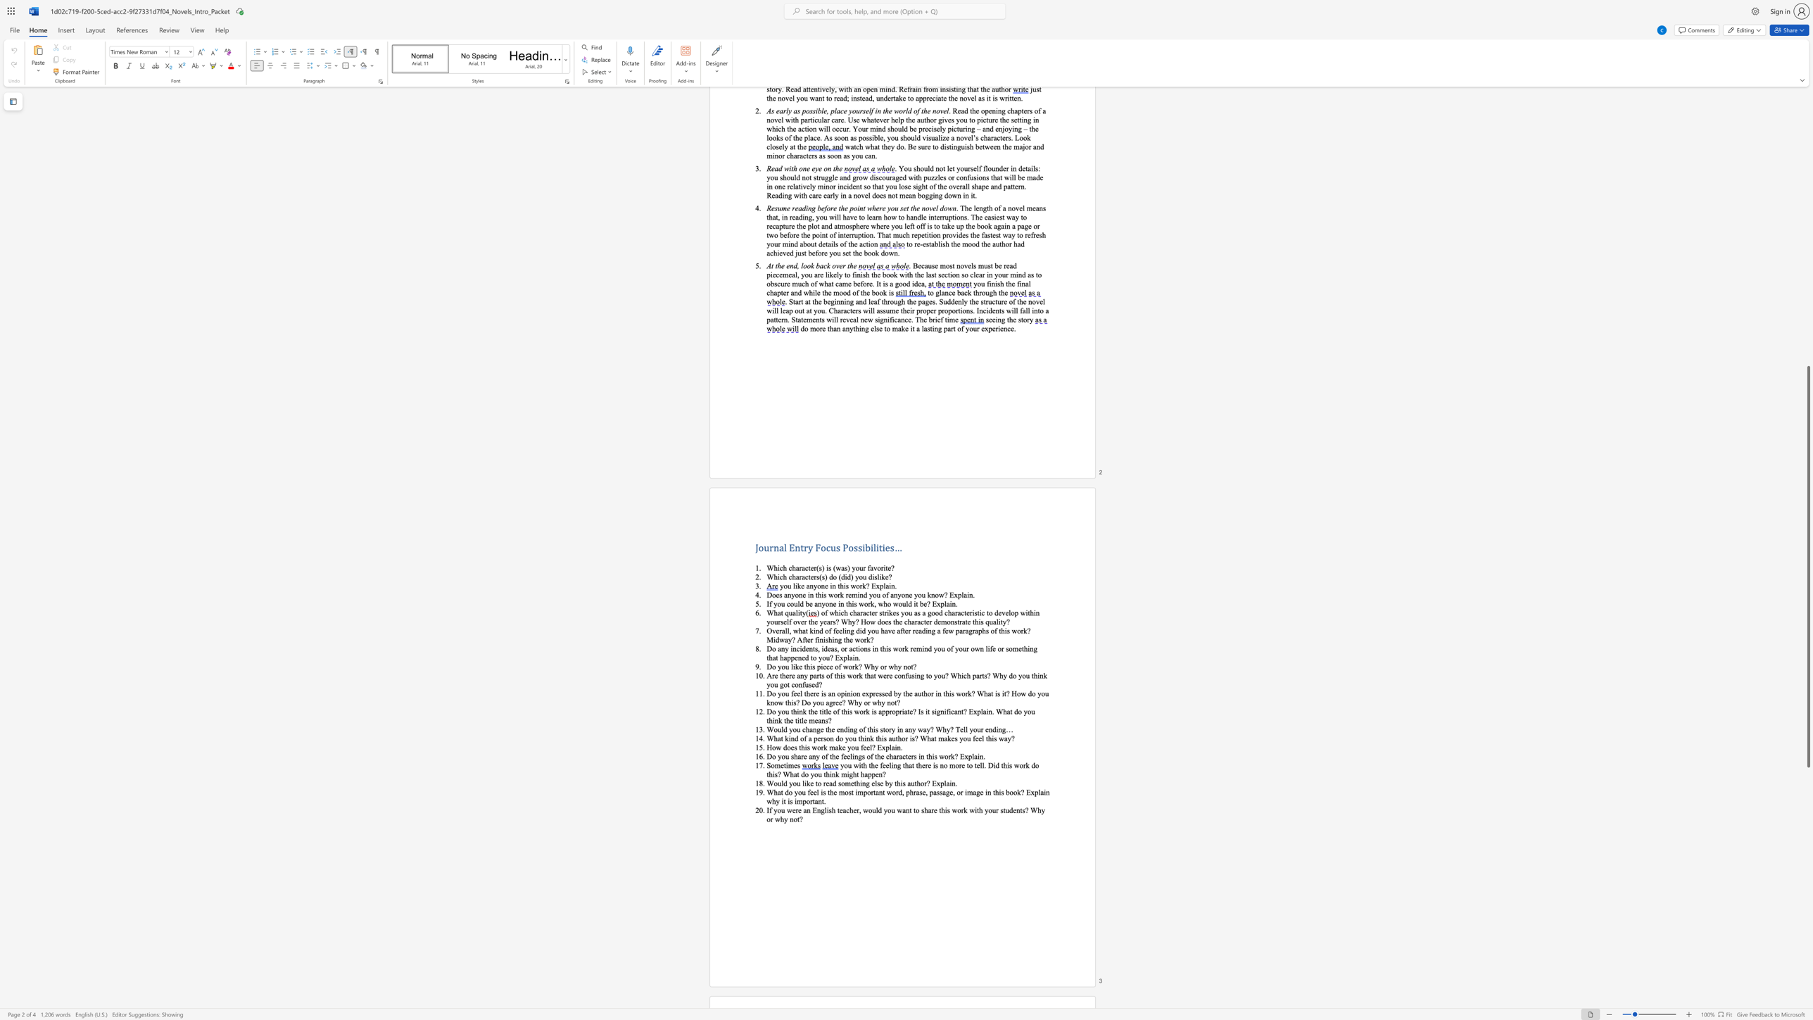  Describe the element at coordinates (777, 576) in the screenshot. I see `the subset text "ich characters(" within the text "Which characters(s) do (did) you dislike?"` at that location.